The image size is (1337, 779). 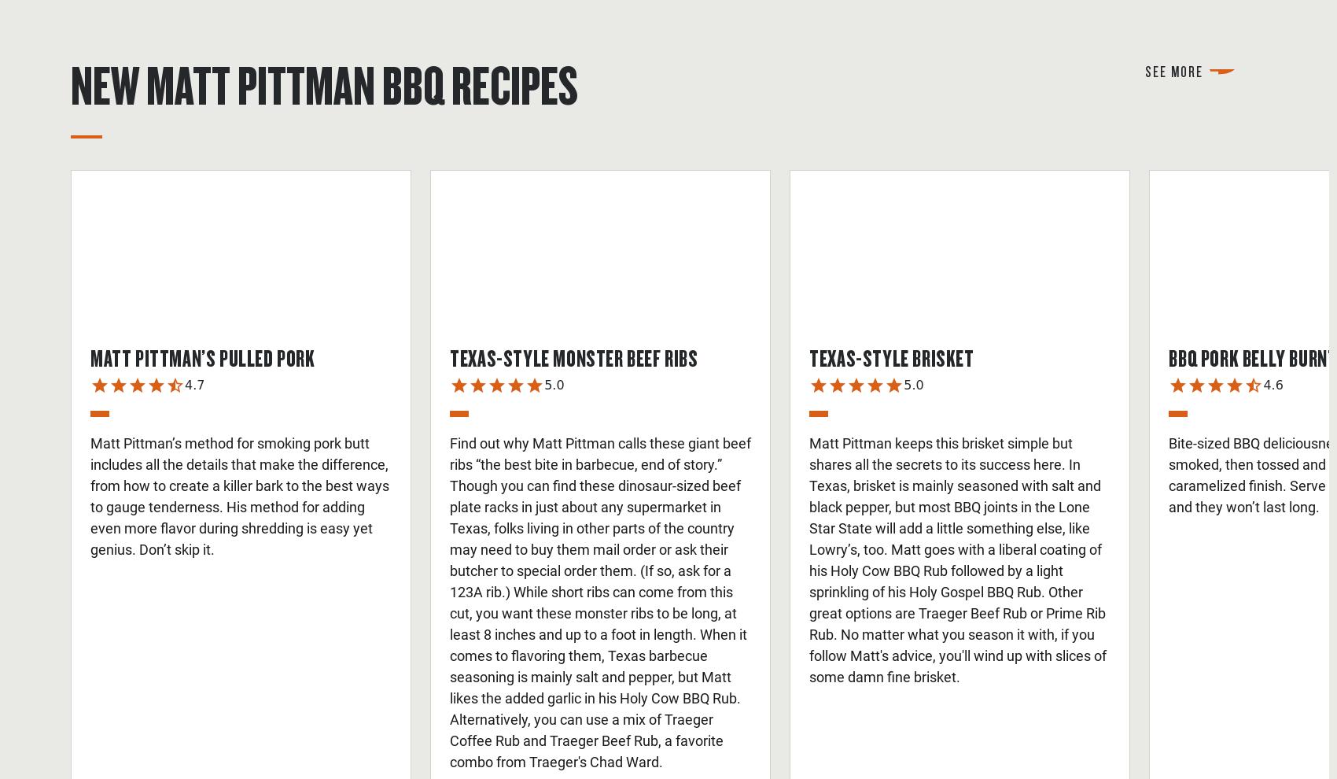 What do you see at coordinates (1173, 70) in the screenshot?
I see `'See More'` at bounding box center [1173, 70].